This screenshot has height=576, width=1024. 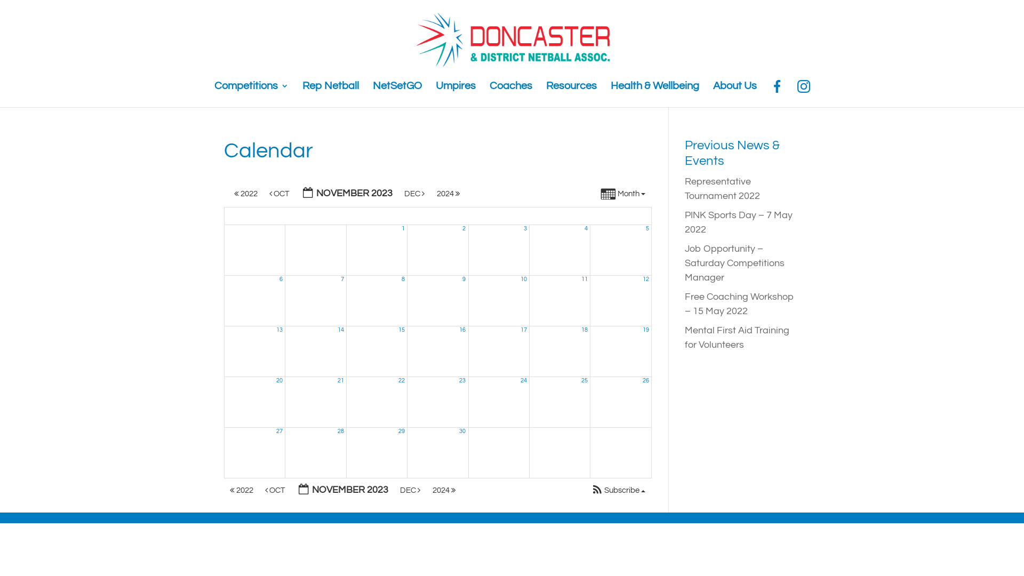 What do you see at coordinates (398, 380) in the screenshot?
I see `'22'` at bounding box center [398, 380].